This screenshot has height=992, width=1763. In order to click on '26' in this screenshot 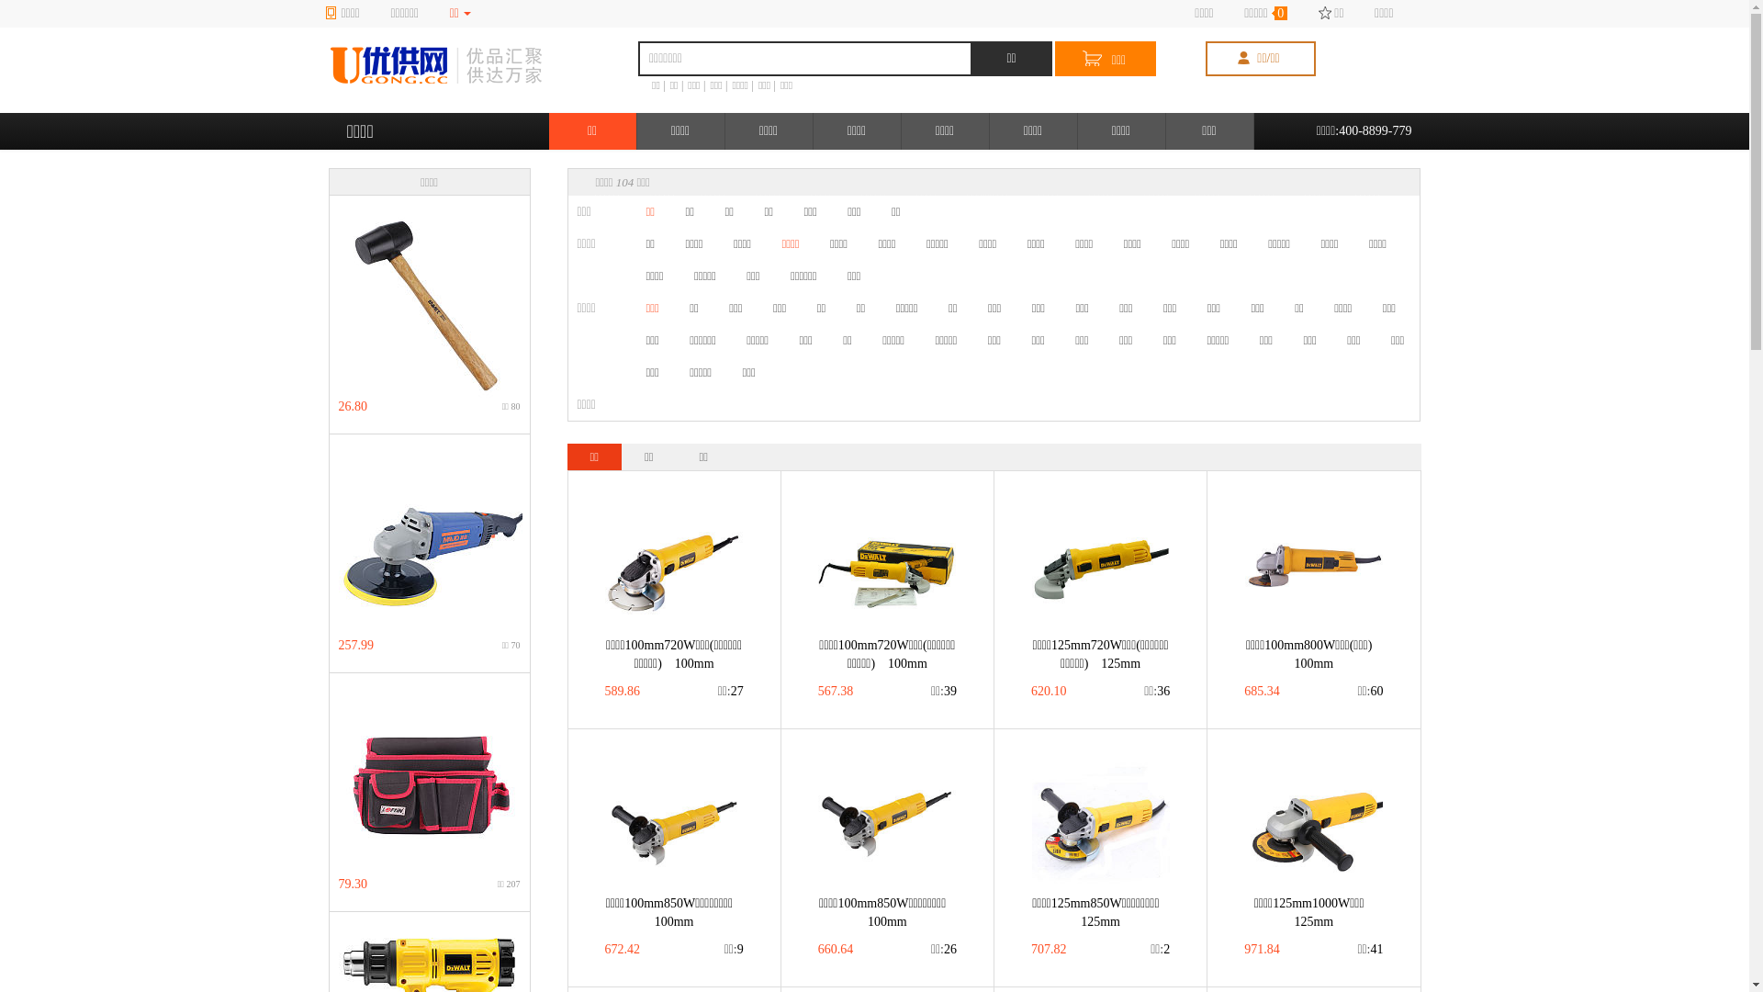, I will do `click(943, 949)`.